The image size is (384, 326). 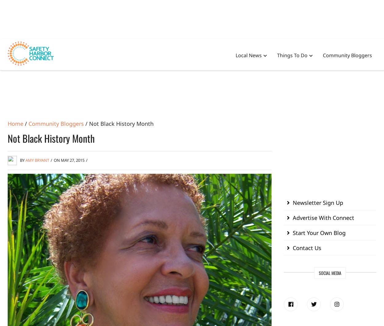 What do you see at coordinates (249, 55) in the screenshot?
I see `'Local News'` at bounding box center [249, 55].